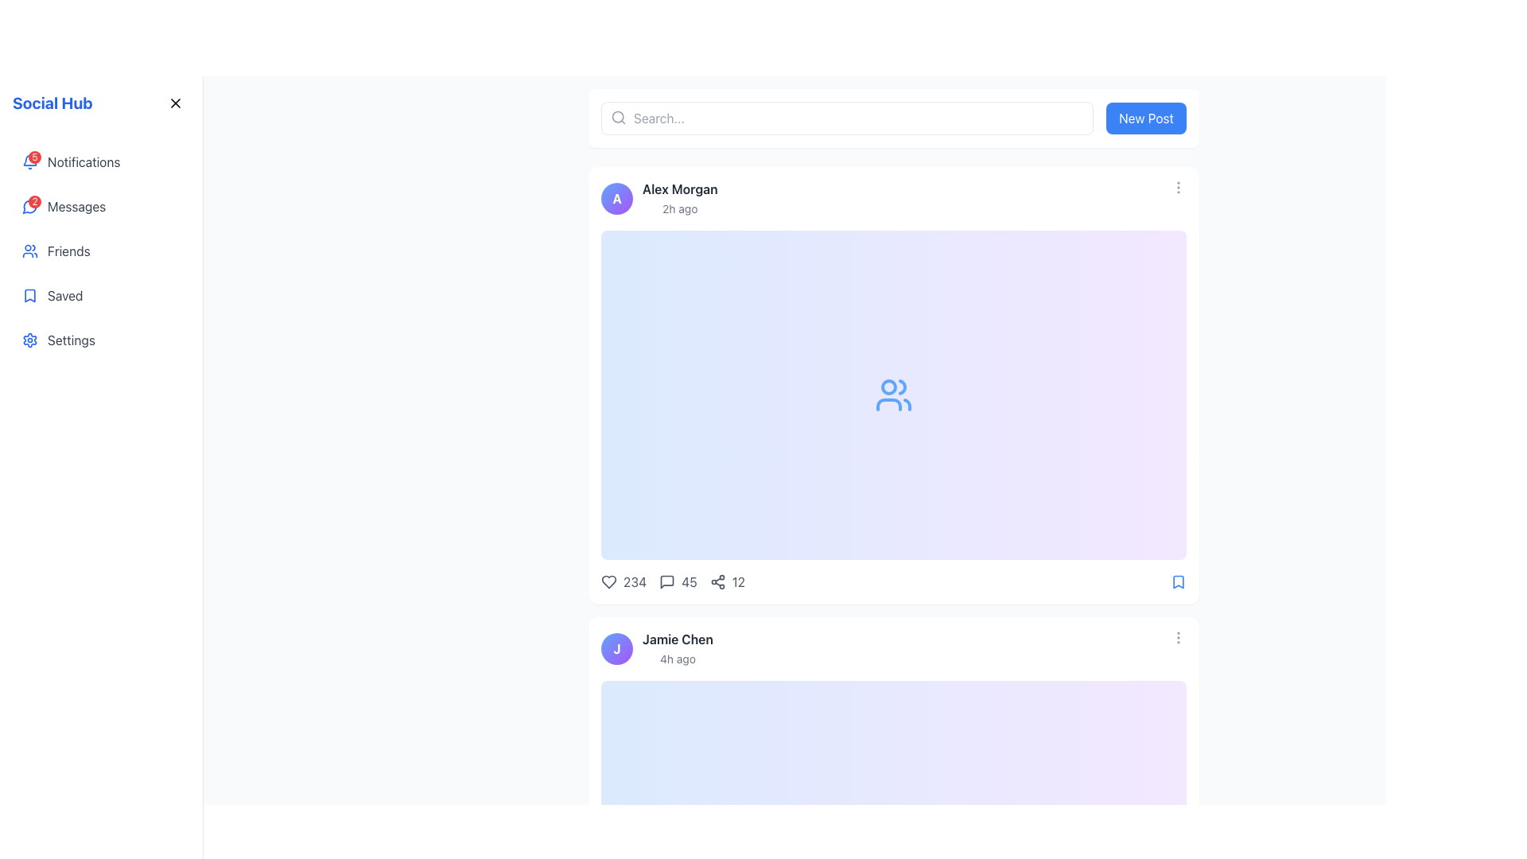 This screenshot has width=1527, height=859. I want to click on the avatar representing the user 'Jamie Chen', so click(616, 649).